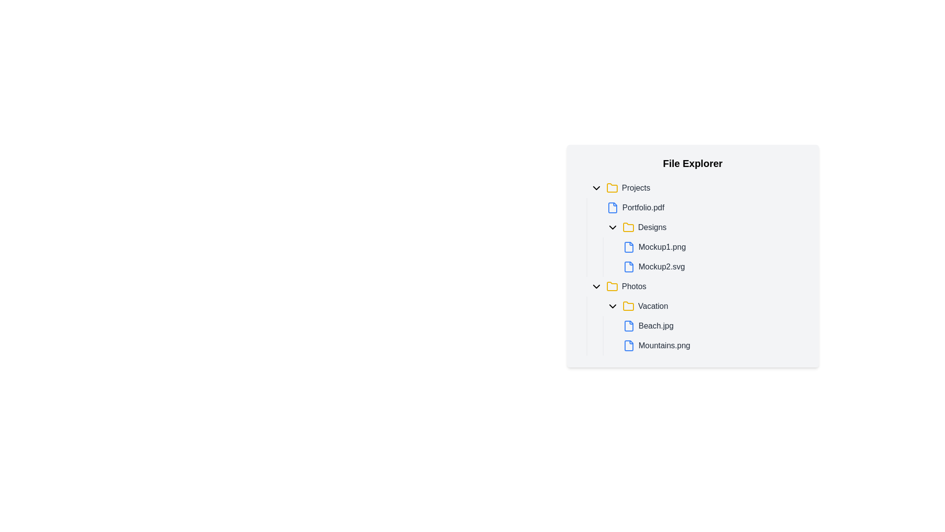 This screenshot has height=532, width=945. Describe the element at coordinates (628, 305) in the screenshot. I see `the SVG-based icon representing the 'Vacation' folder in the 'File Explorer' interface` at that location.